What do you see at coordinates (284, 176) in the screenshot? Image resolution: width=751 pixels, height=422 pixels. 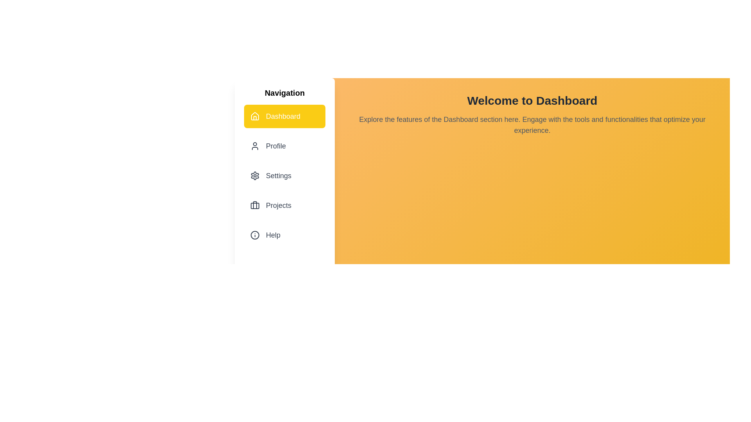 I see `the menu item corresponding to Settings` at bounding box center [284, 176].